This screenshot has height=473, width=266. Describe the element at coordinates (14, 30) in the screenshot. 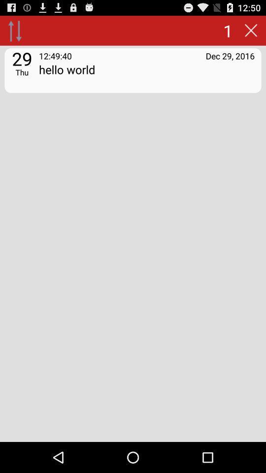

I see `go up/down` at that location.